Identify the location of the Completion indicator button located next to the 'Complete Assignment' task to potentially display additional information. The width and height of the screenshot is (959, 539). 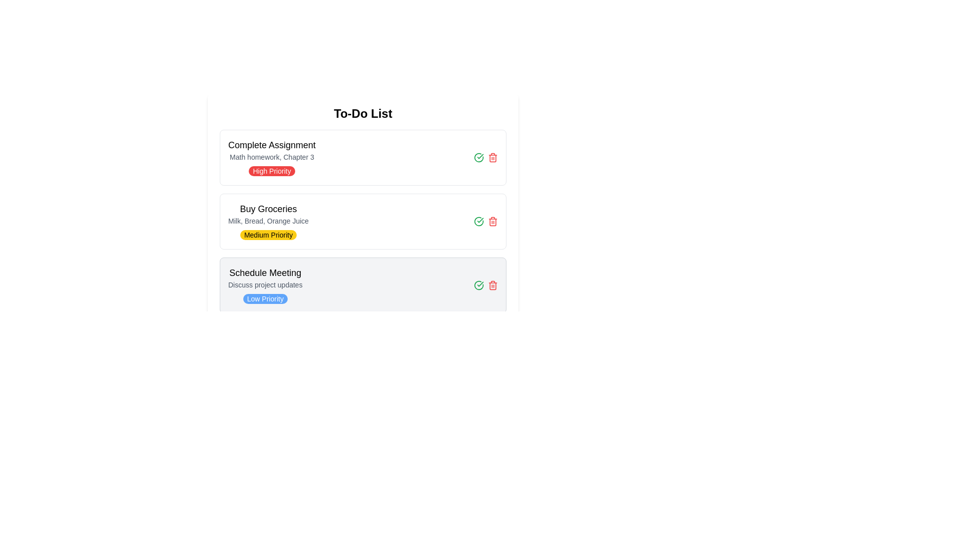
(479, 221).